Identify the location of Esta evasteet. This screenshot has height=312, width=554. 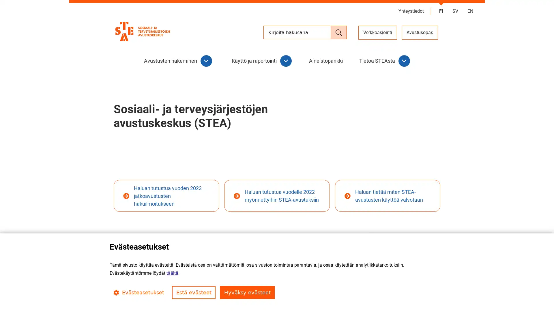
(194, 292).